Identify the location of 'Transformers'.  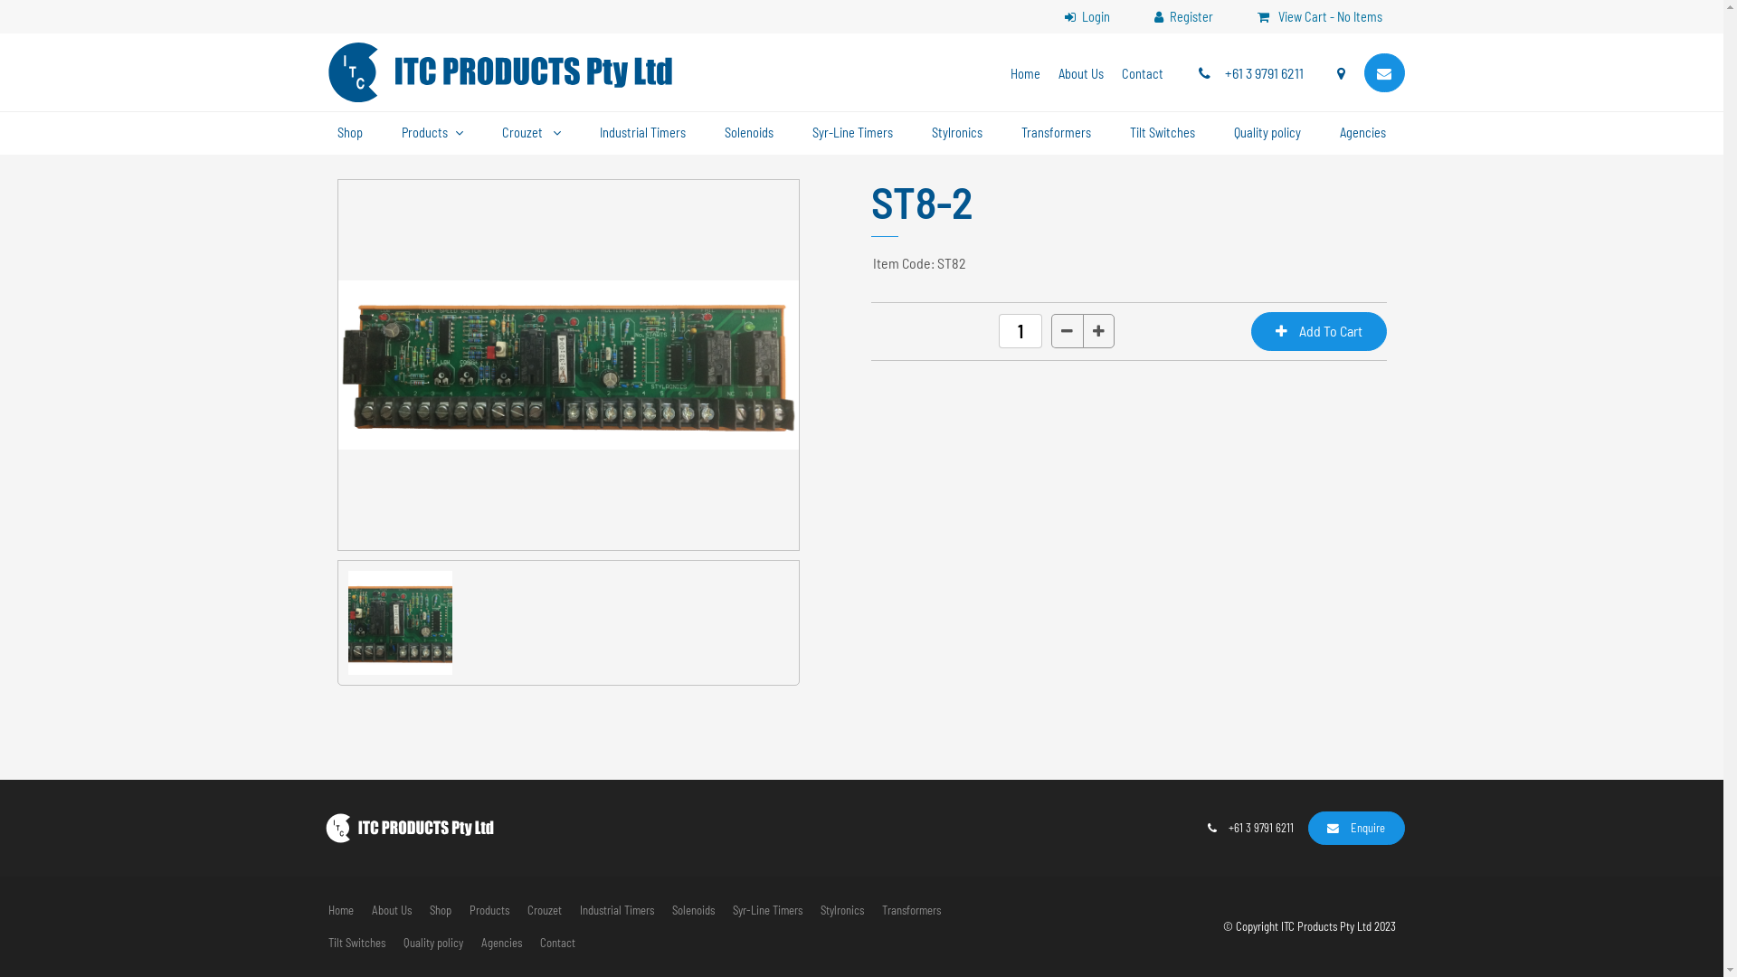
(1056, 132).